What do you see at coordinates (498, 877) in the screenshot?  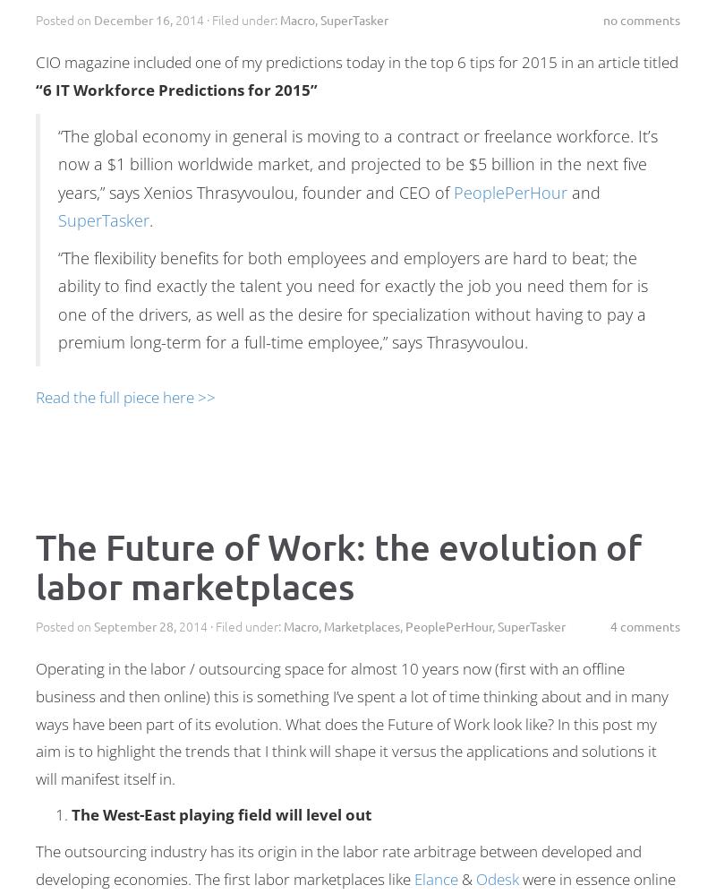 I see `'Odesk'` at bounding box center [498, 877].